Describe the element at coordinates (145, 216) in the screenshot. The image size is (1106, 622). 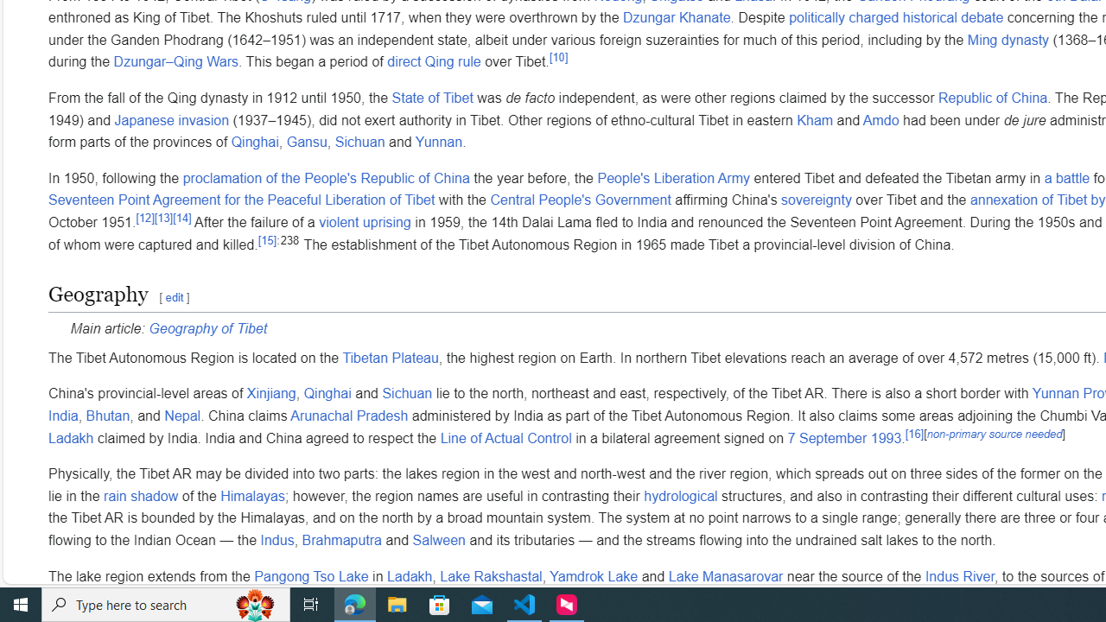
I see `'[12]'` at that location.